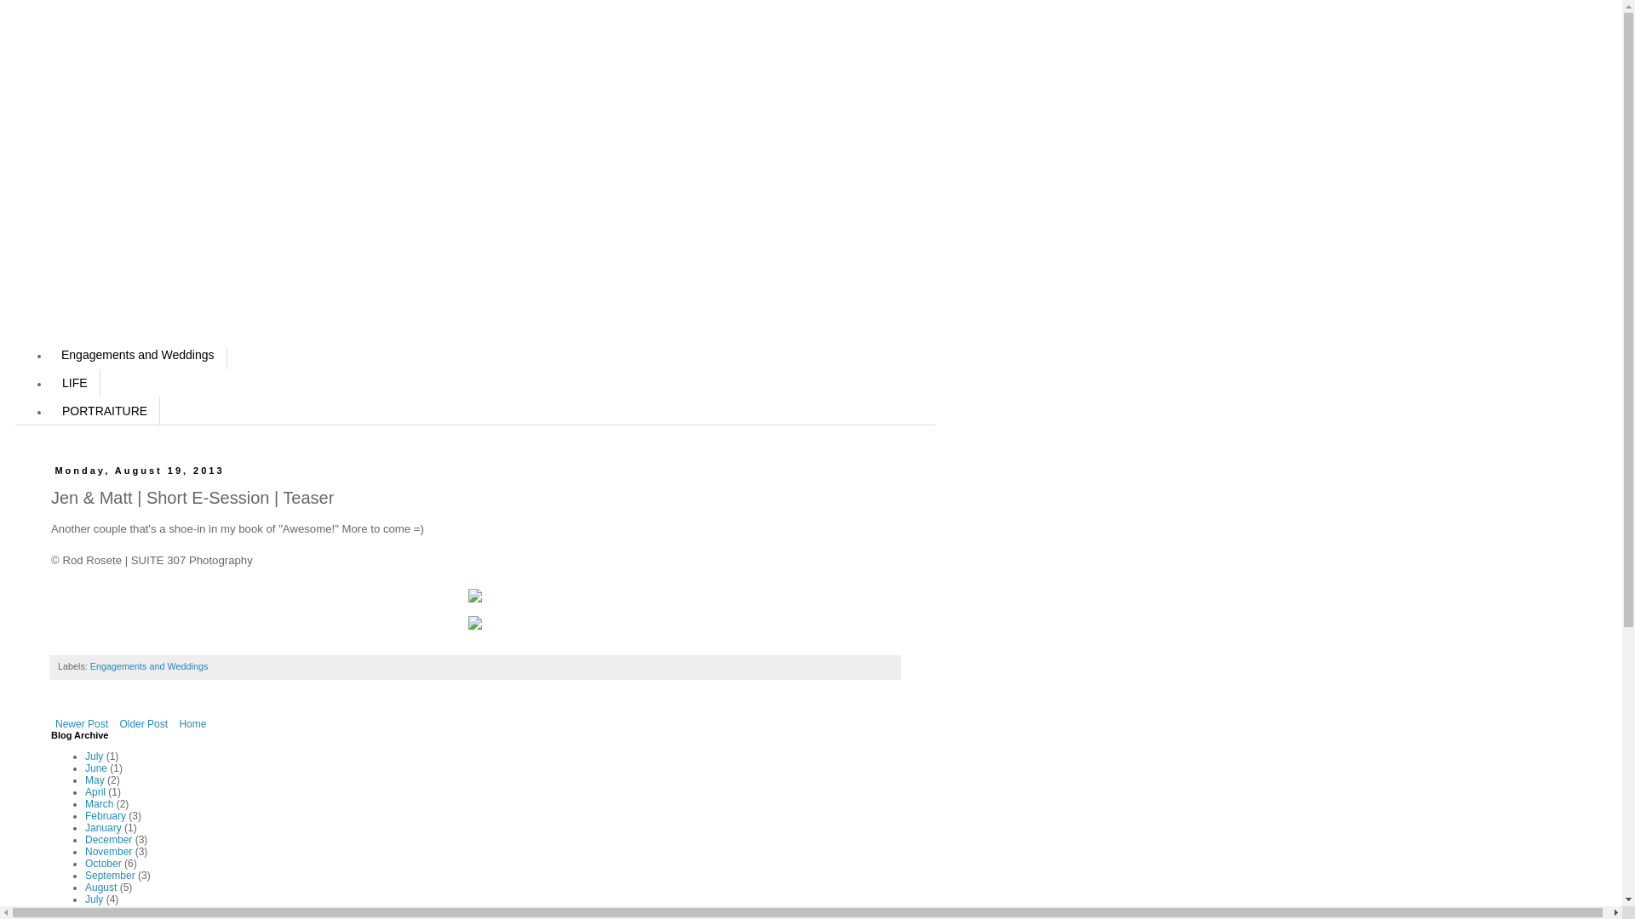 This screenshot has height=919, width=1635. What do you see at coordinates (100, 886) in the screenshot?
I see `'August'` at bounding box center [100, 886].